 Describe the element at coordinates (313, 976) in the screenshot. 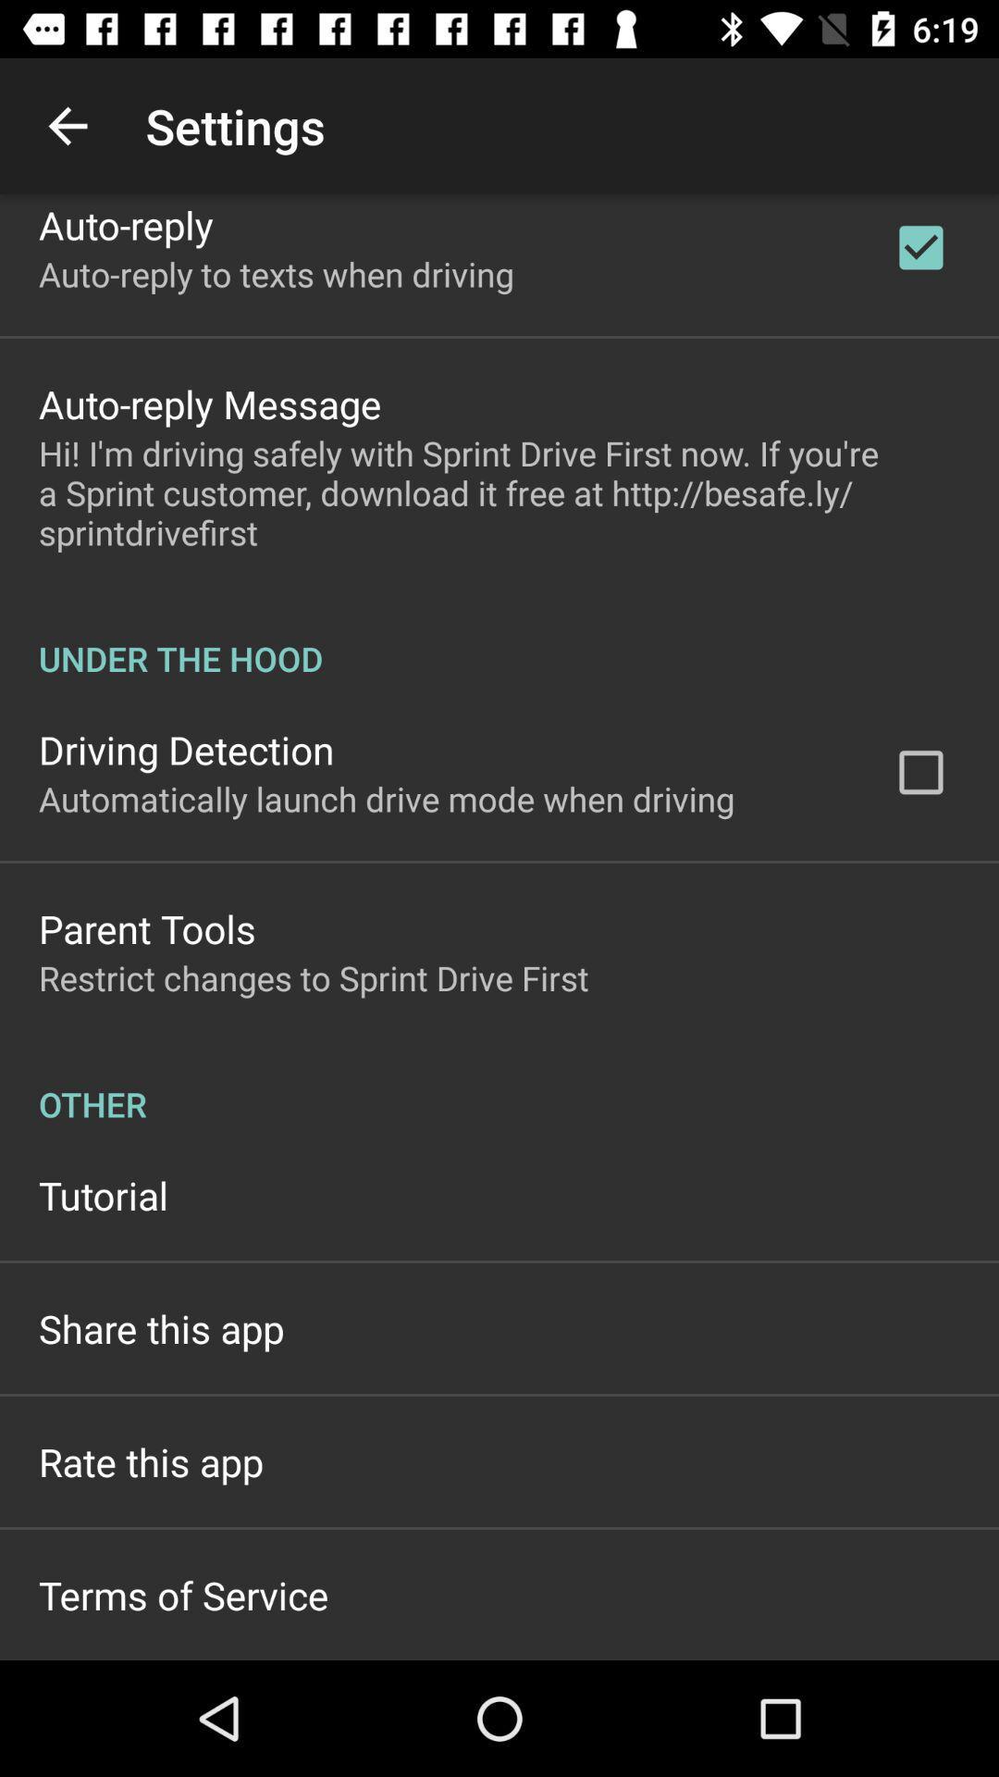

I see `the restrict changes to` at that location.